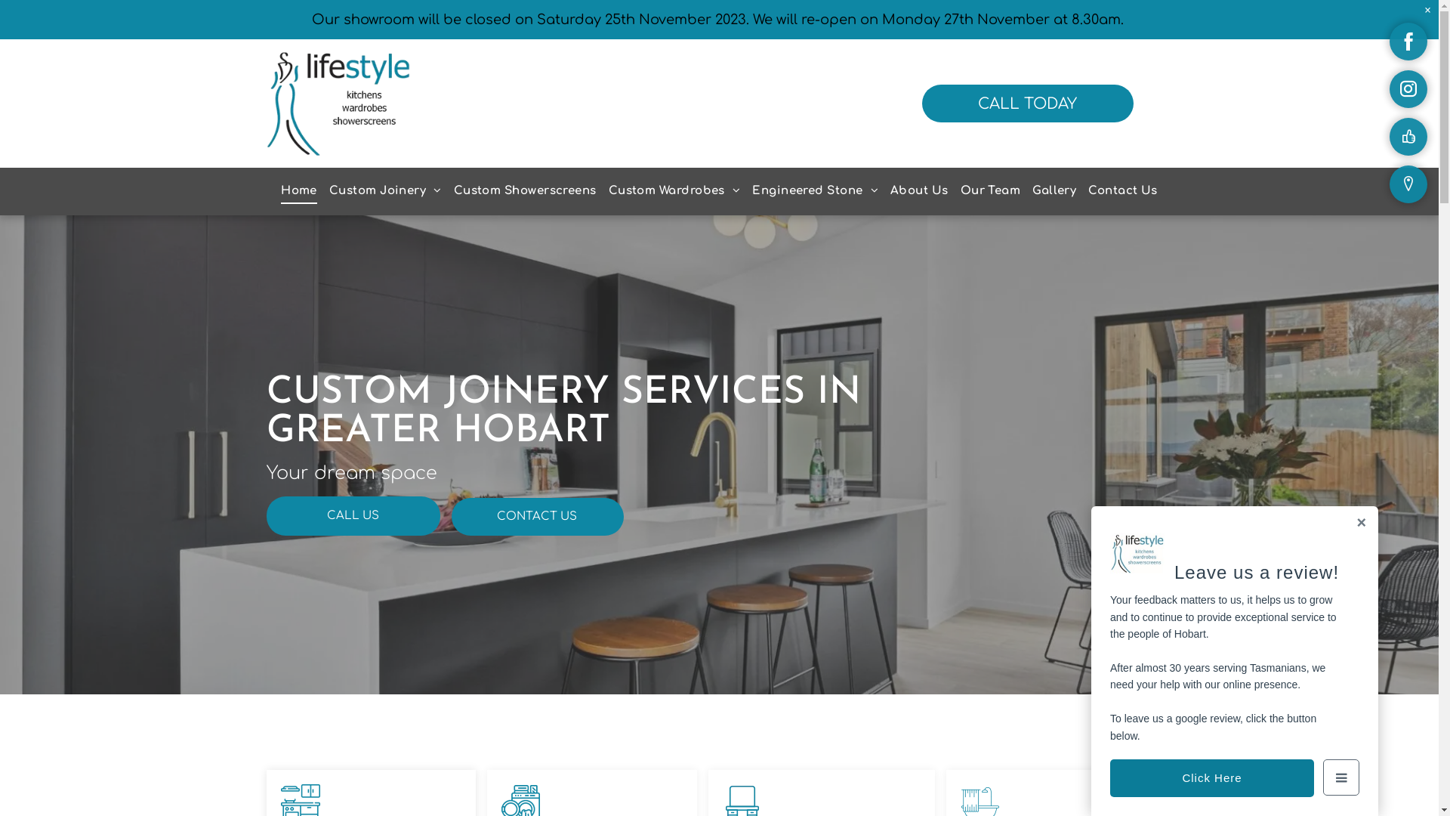  Describe the element at coordinates (1027, 103) in the screenshot. I see `'CALL TODAY'` at that location.